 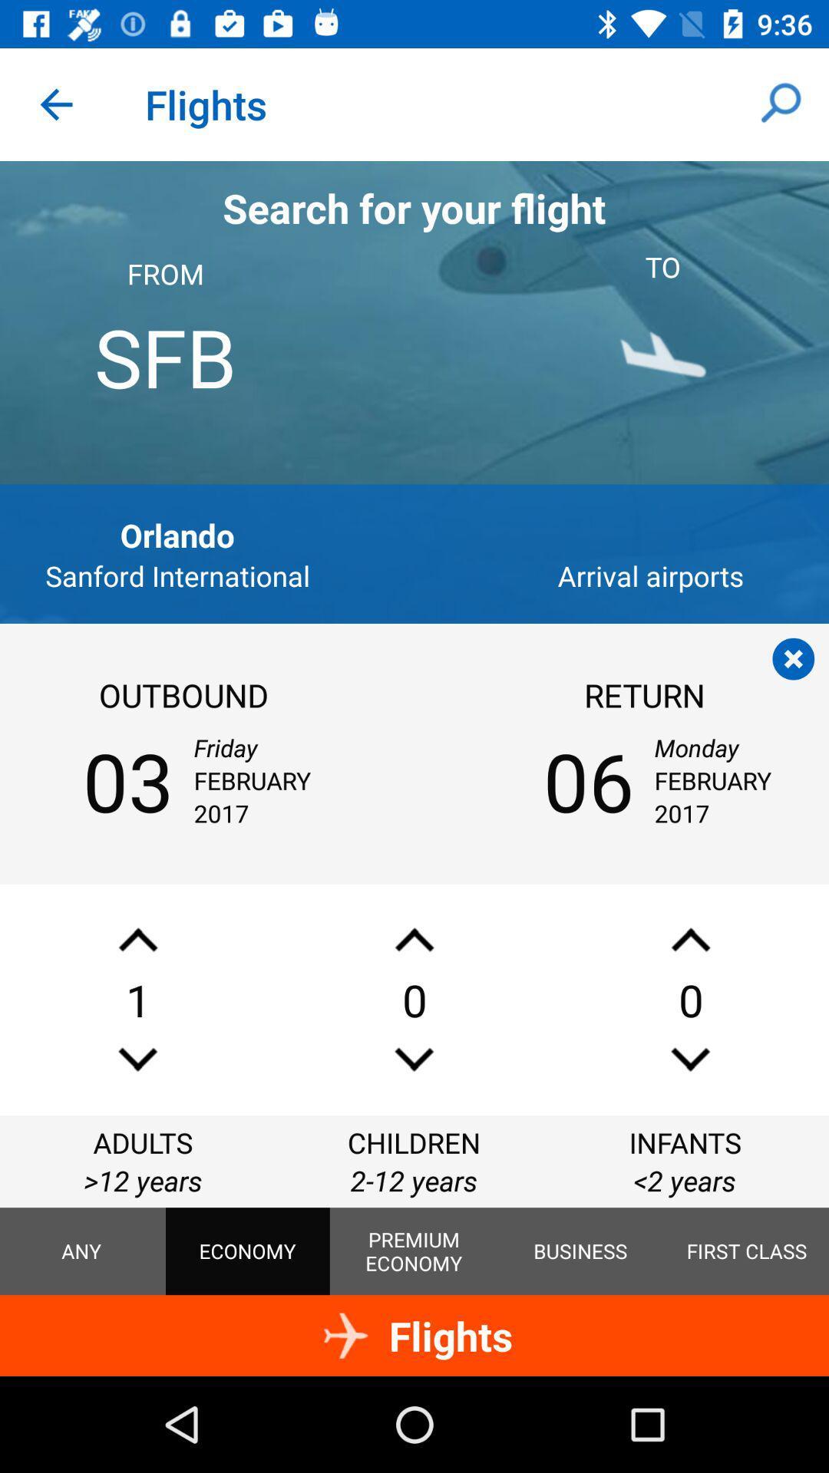 What do you see at coordinates (414, 939) in the screenshot?
I see `number up` at bounding box center [414, 939].